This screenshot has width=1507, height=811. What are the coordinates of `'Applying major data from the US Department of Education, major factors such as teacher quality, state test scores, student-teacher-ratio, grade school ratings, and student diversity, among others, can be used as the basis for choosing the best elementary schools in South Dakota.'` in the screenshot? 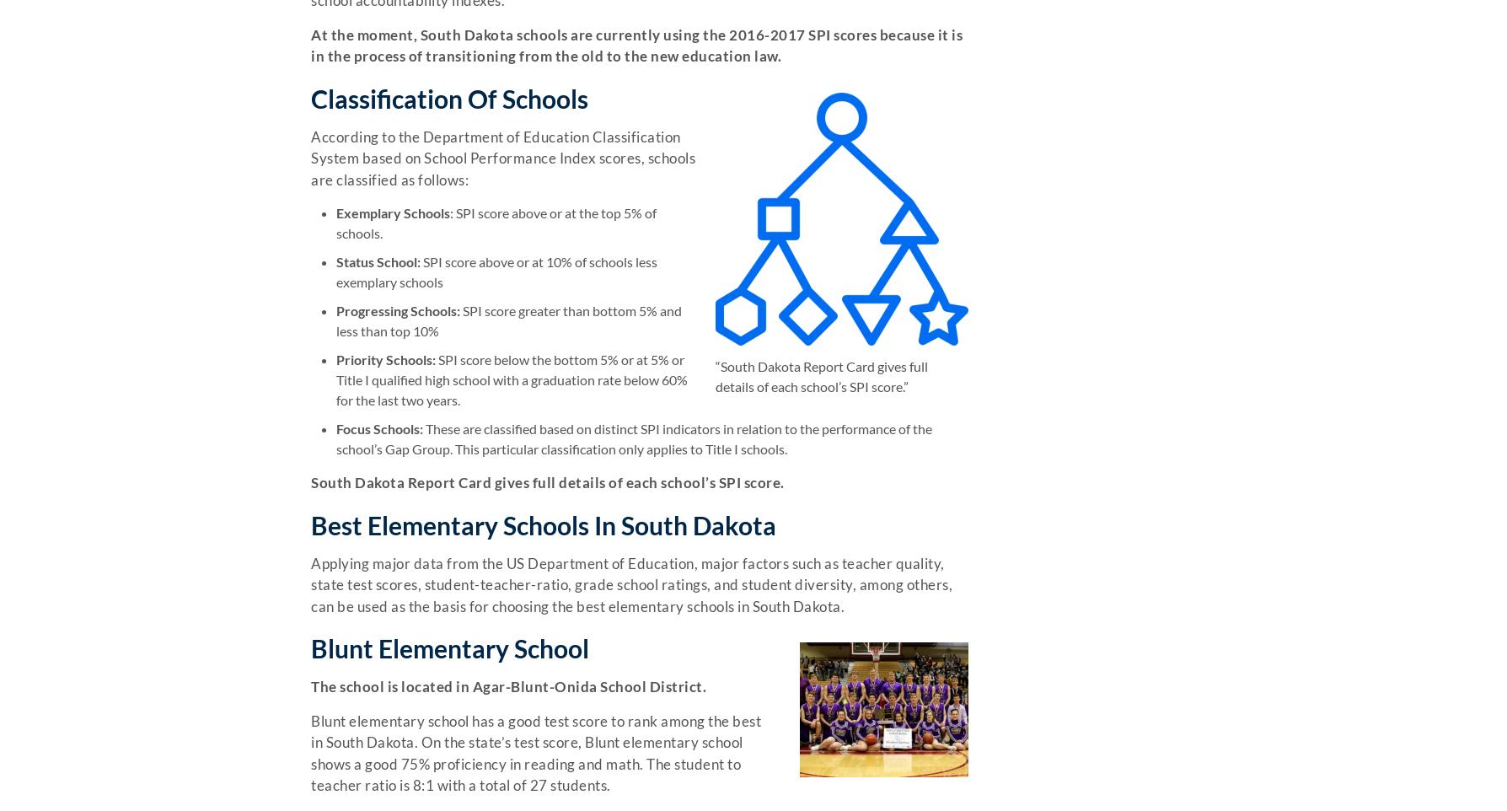 It's located at (630, 583).